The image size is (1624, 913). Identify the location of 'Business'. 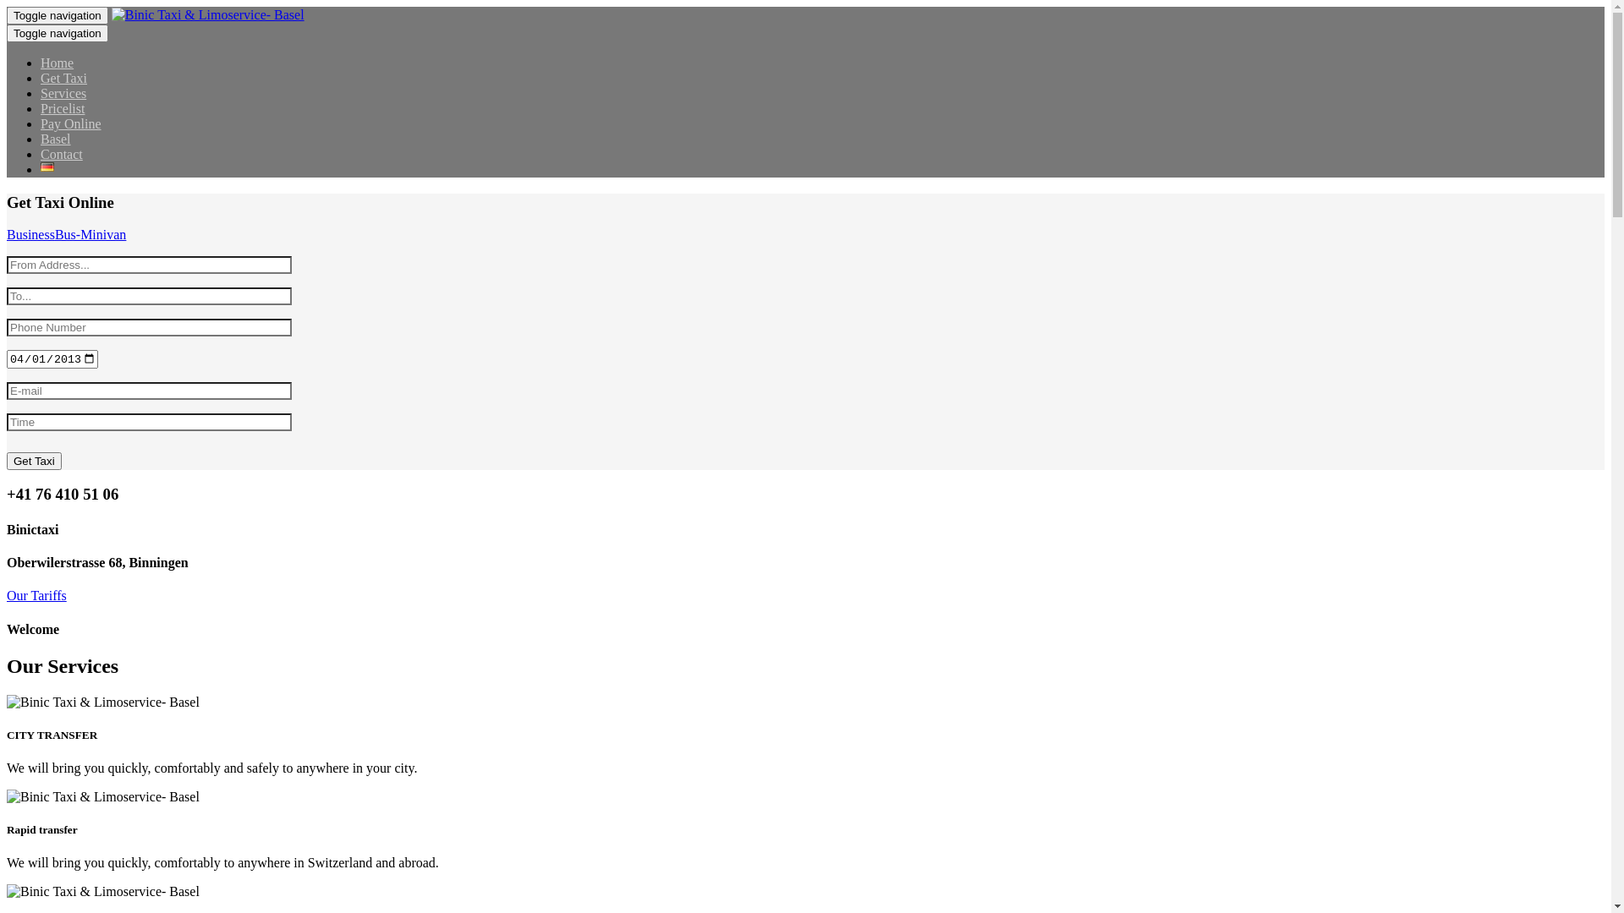
(30, 234).